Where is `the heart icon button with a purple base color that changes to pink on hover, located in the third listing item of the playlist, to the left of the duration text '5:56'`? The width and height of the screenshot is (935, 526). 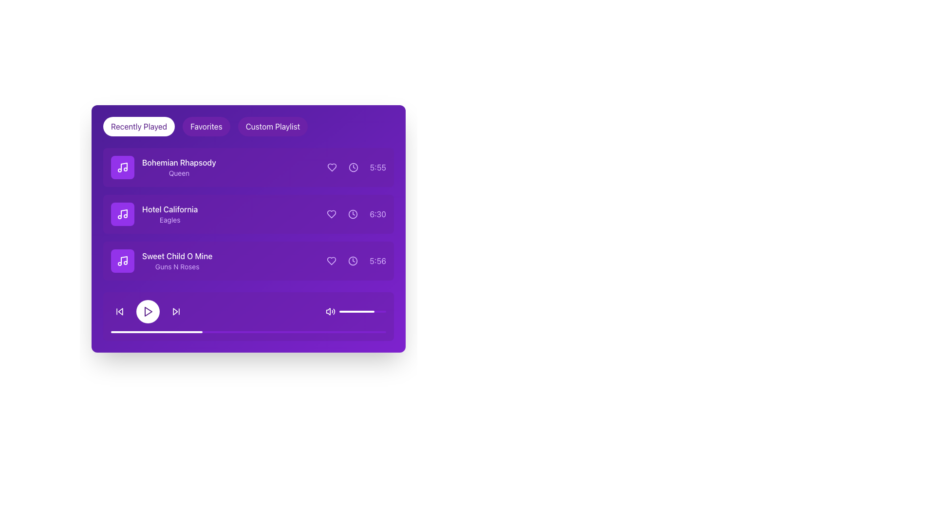
the heart icon button with a purple base color that changes to pink on hover, located in the third listing item of the playlist, to the left of the duration text '5:56' is located at coordinates (332, 261).